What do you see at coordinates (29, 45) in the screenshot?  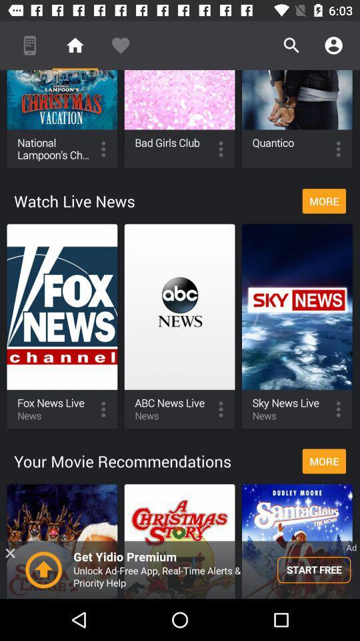 I see `the mobile option on the top left corner` at bounding box center [29, 45].